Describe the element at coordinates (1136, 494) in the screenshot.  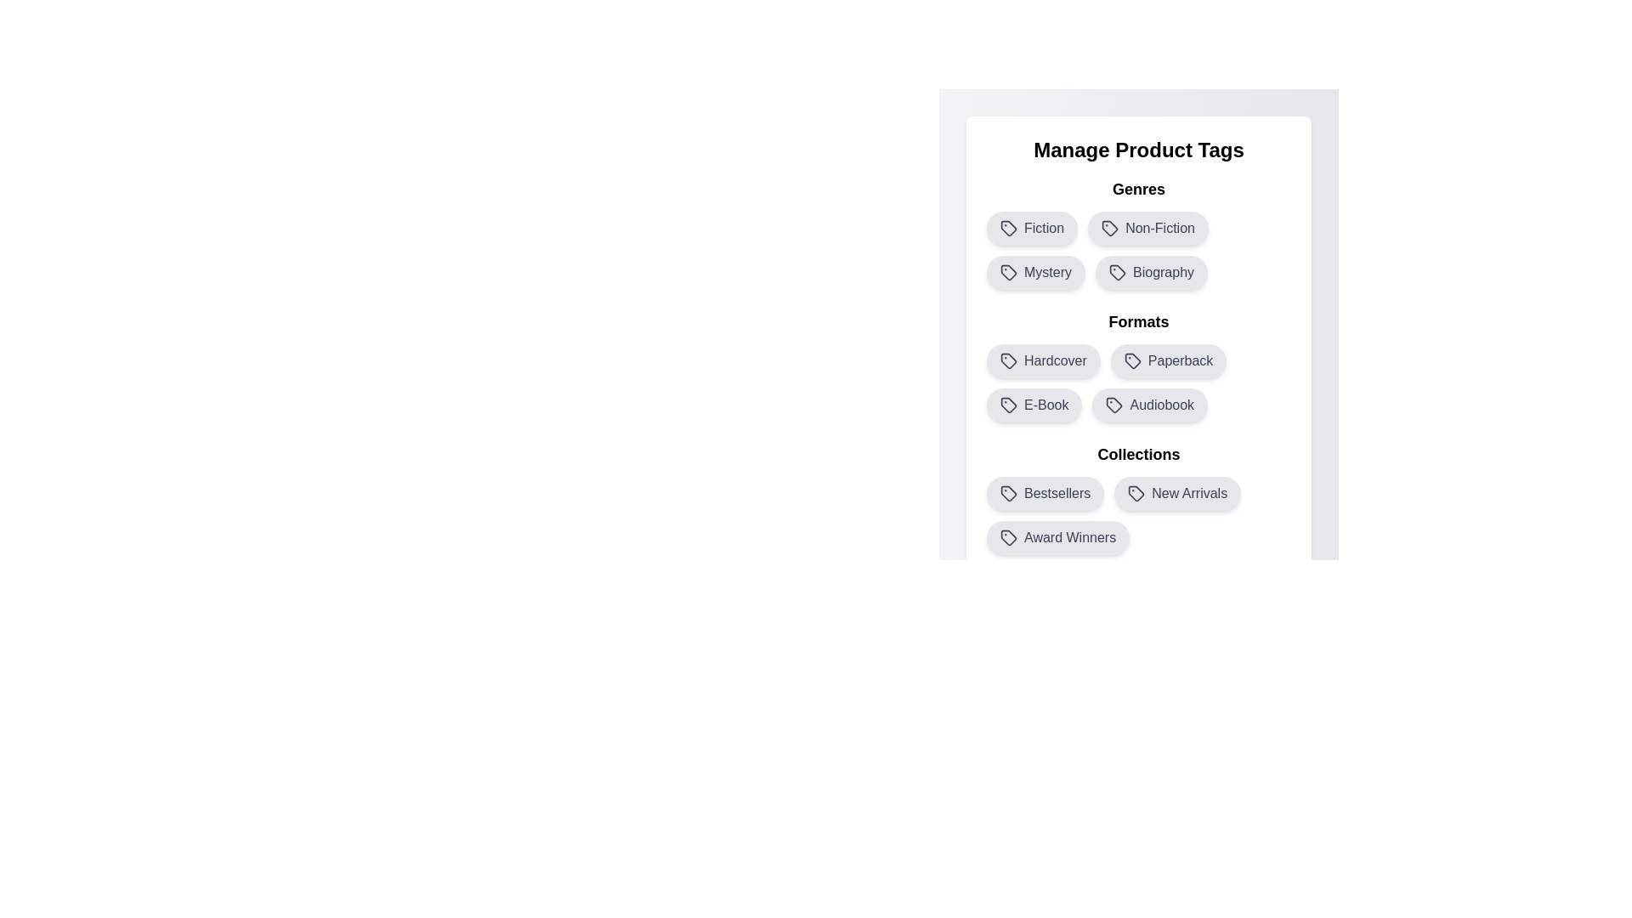
I see `the outer shape of the tag icon located in the 'New Arrivals' section of the 'Collections' group` at that location.